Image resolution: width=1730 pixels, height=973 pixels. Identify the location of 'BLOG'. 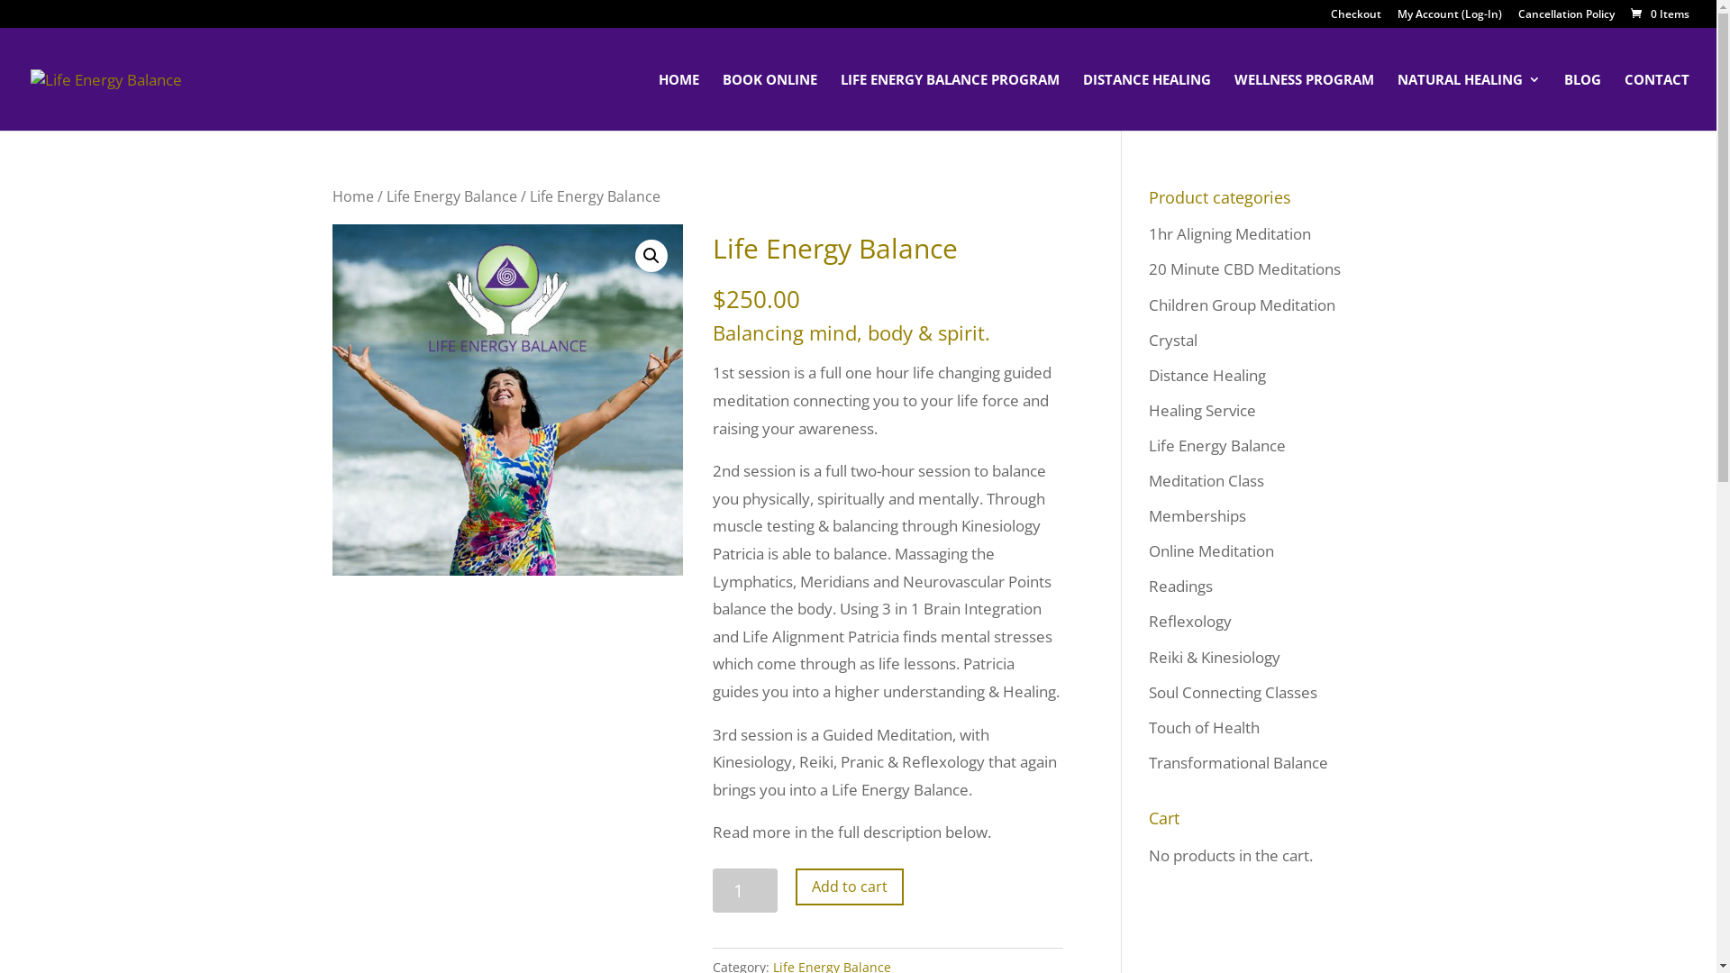
(1581, 101).